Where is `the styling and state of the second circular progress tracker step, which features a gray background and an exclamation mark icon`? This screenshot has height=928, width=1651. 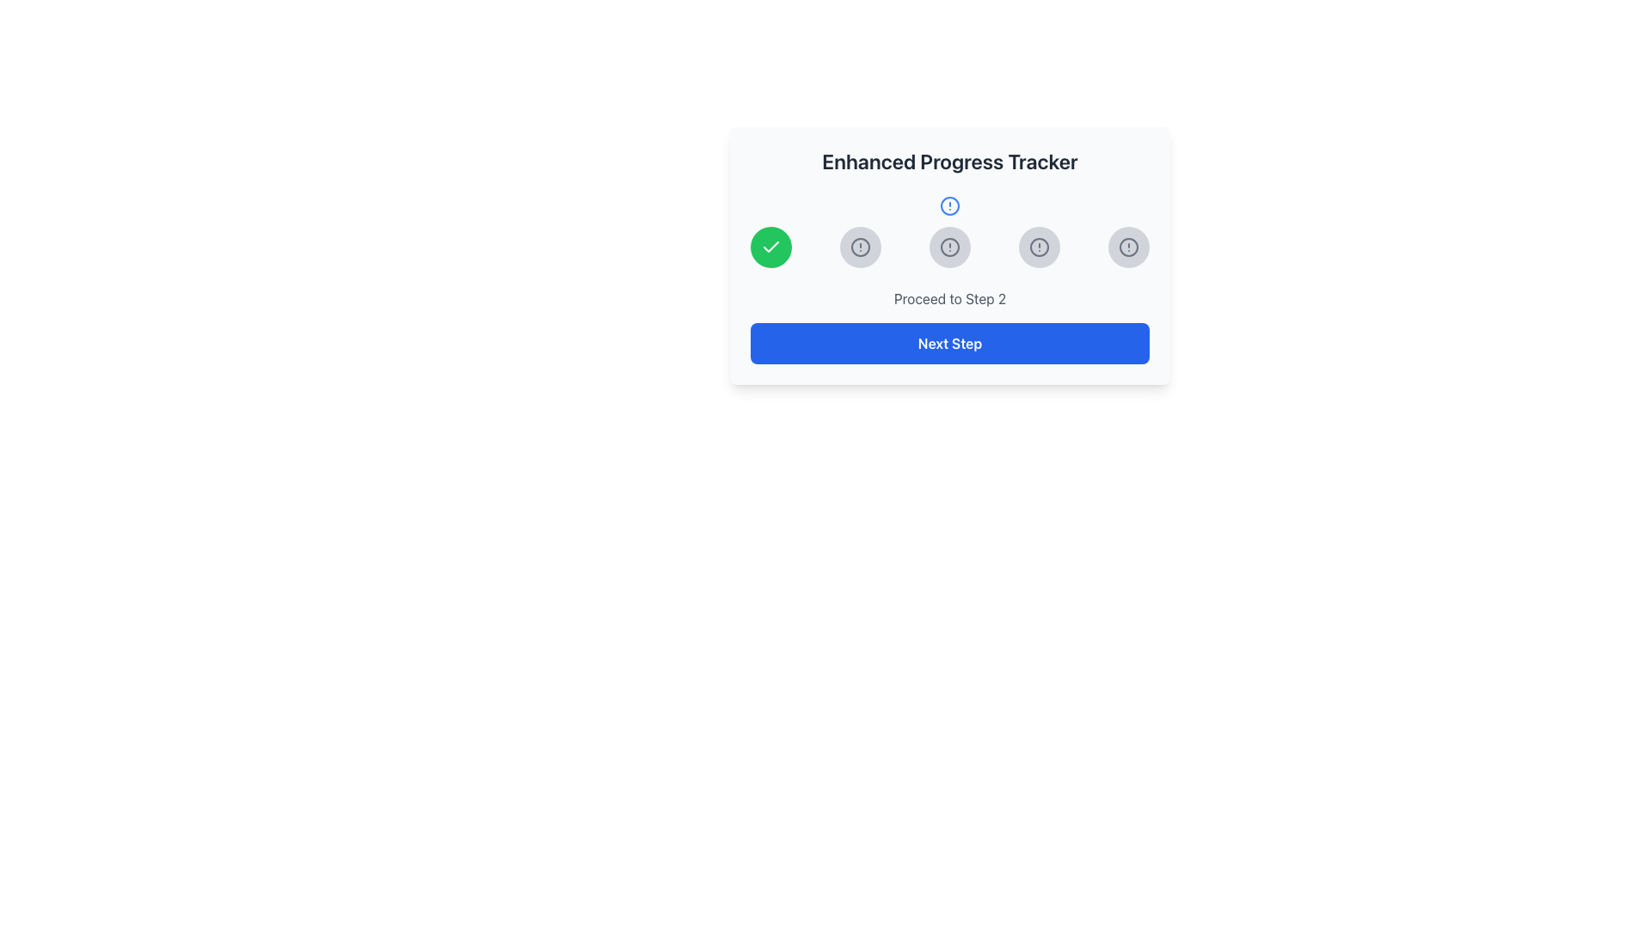 the styling and state of the second circular progress tracker step, which features a gray background and an exclamation mark icon is located at coordinates (861, 247).